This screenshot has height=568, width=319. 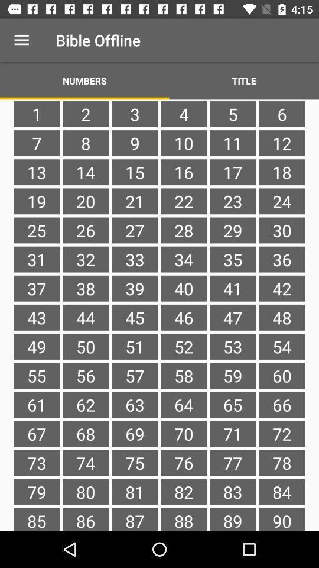 What do you see at coordinates (233, 375) in the screenshot?
I see `the item next to 54` at bounding box center [233, 375].